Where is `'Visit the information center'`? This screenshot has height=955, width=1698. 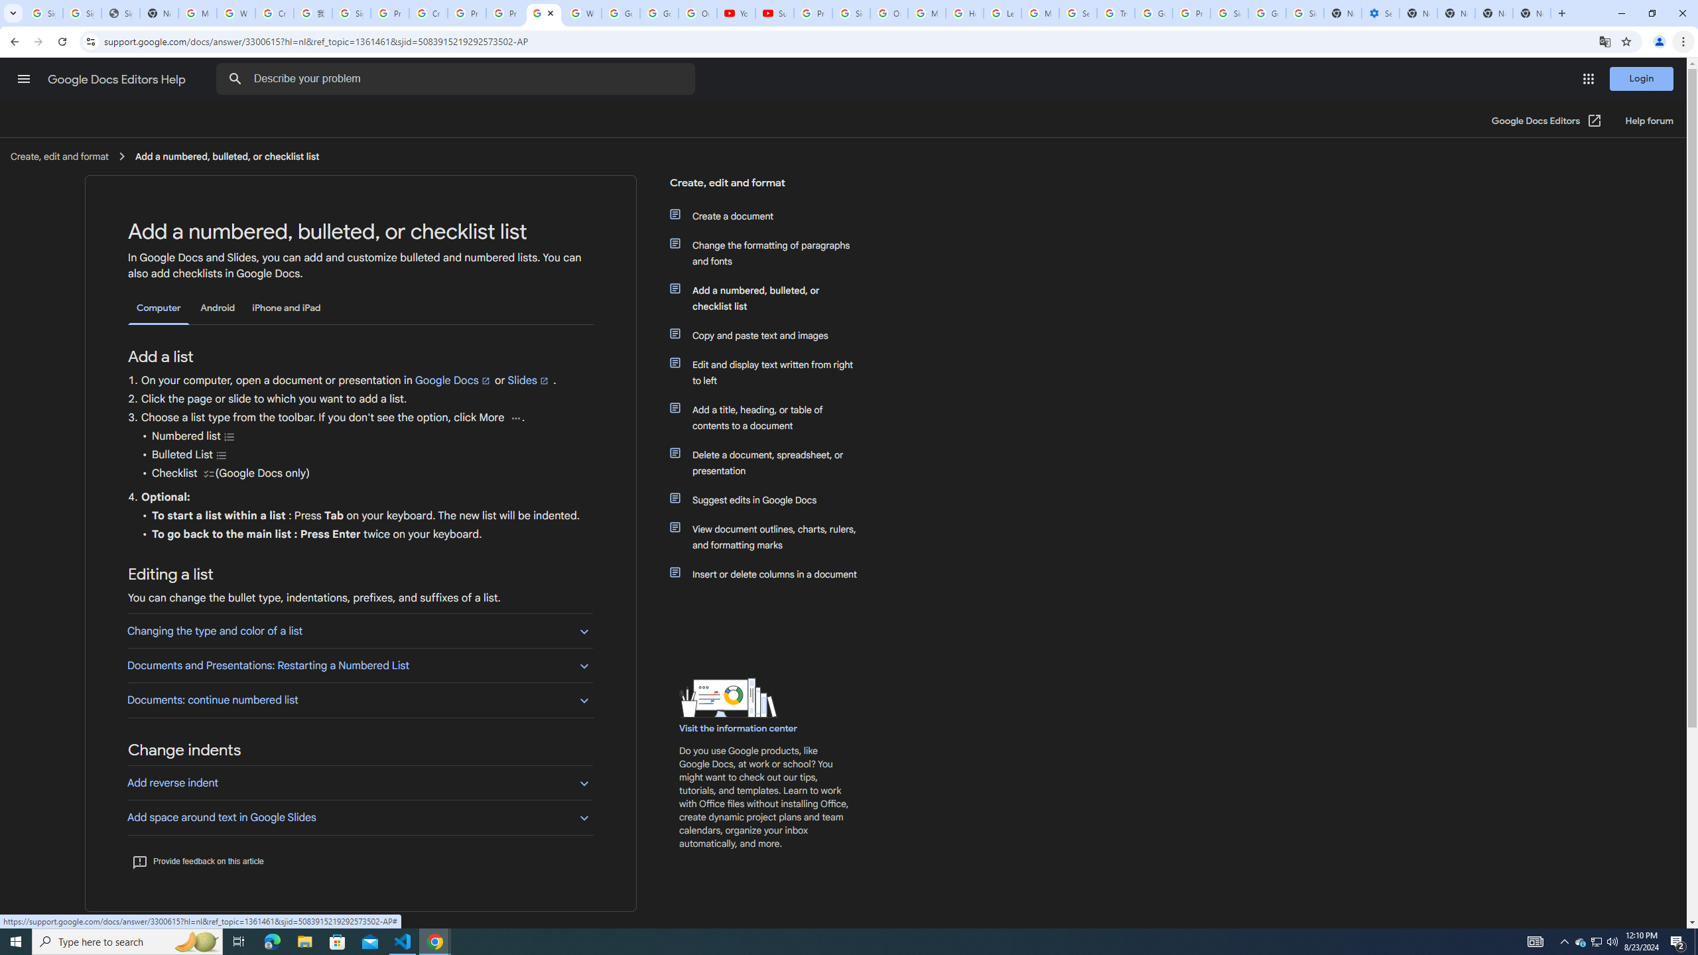 'Visit the information center' is located at coordinates (738, 728).